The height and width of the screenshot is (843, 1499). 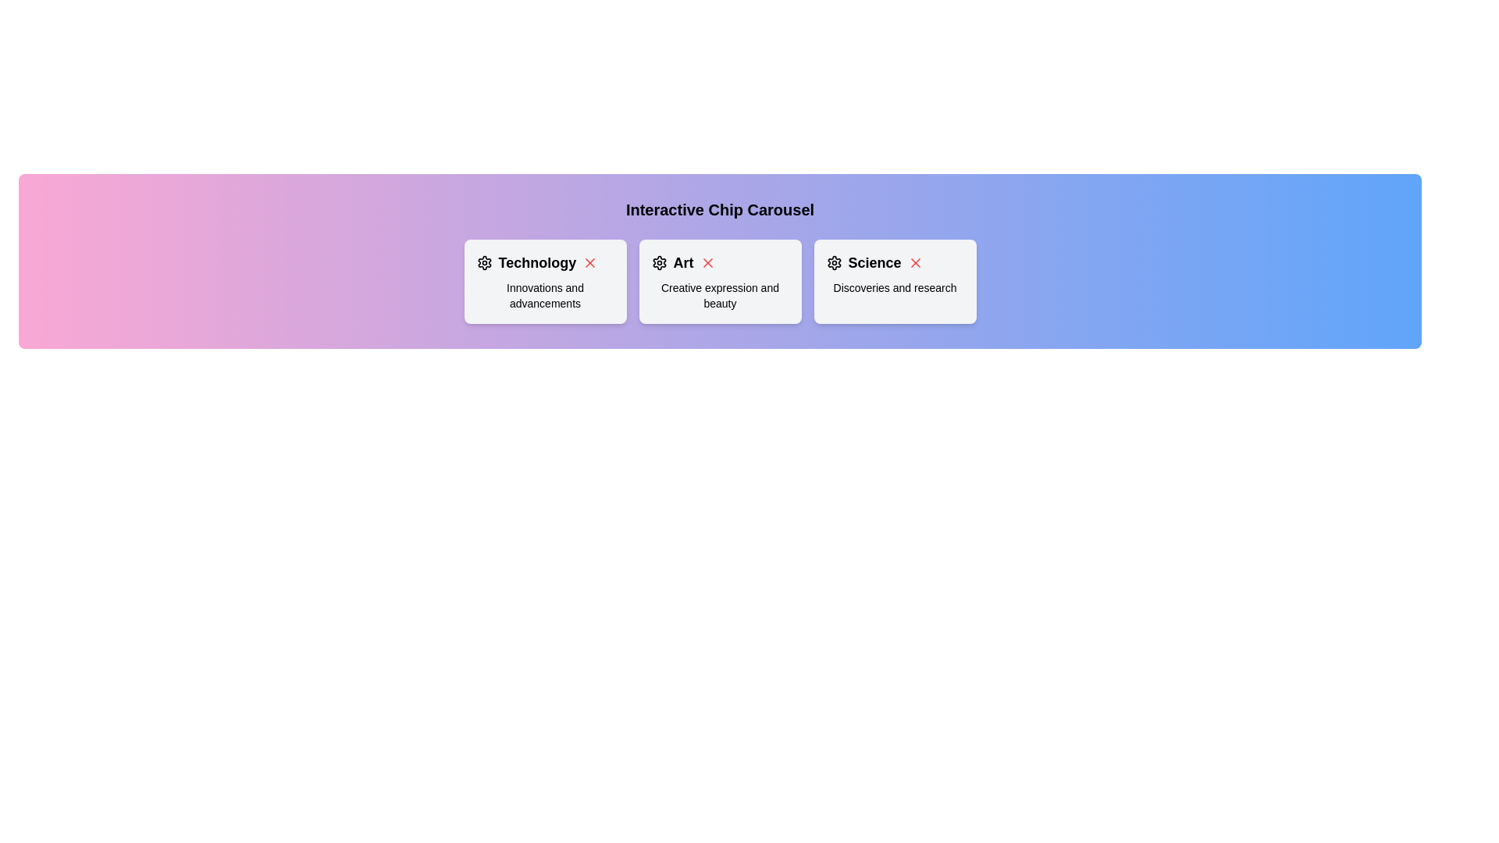 I want to click on the chip labeled Science to select it, so click(x=895, y=282).